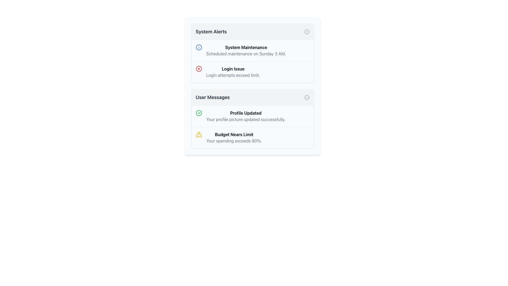 The width and height of the screenshot is (508, 286). What do you see at coordinates (246, 116) in the screenshot?
I see `the Notification message titled 'Profile Updated' which is the first message in the 'User Messages' section located beneath 'System Alerts'` at bounding box center [246, 116].